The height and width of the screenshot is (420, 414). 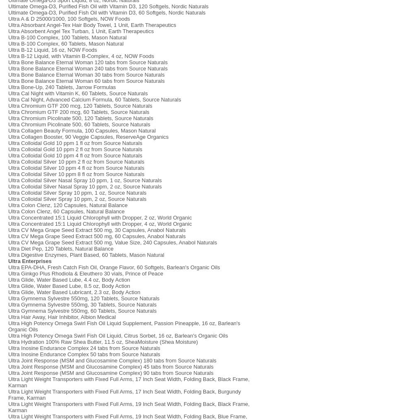 What do you see at coordinates (124, 394) in the screenshot?
I see `'Ultra Light Weight Transporters with Fixed Full Arms, 17 Inch Seat Width, Folding Back, Burgundy Frame, Karman'` at bounding box center [124, 394].